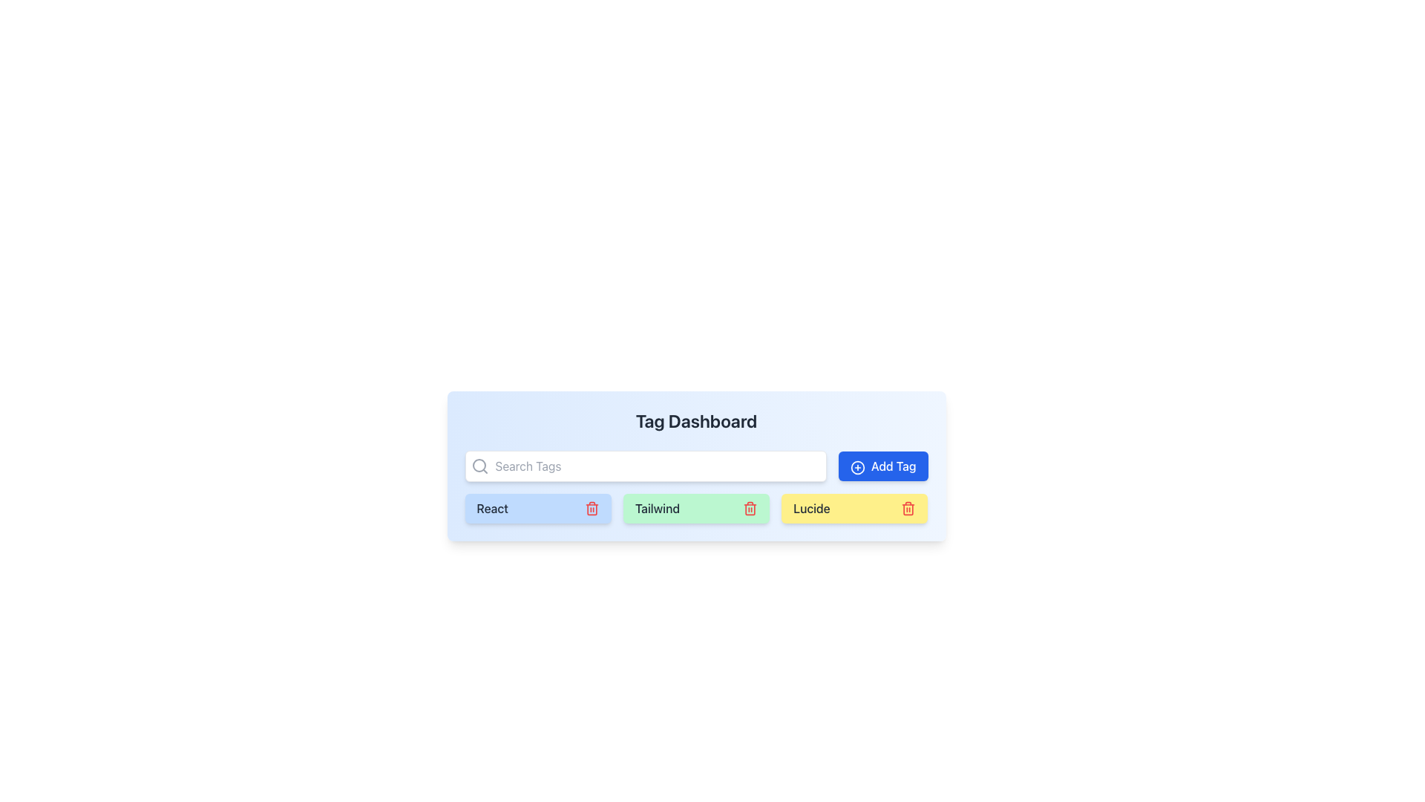 Image resolution: width=1425 pixels, height=802 pixels. What do you see at coordinates (750, 509) in the screenshot?
I see `the 'delete' icon located in the green area labeled 'Tailwind' below the search bar` at bounding box center [750, 509].